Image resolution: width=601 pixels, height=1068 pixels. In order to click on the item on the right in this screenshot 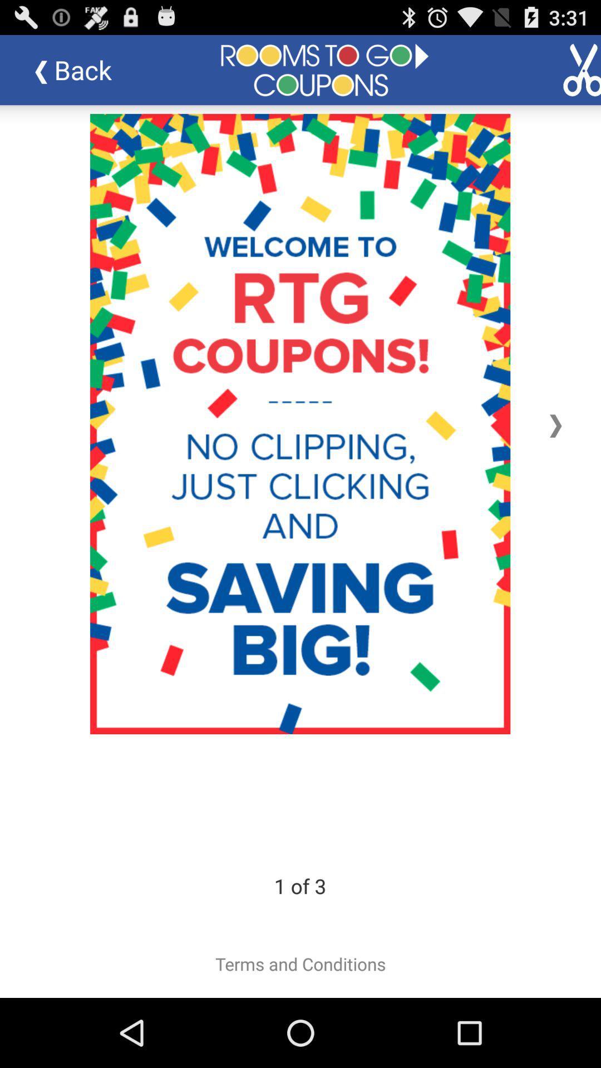, I will do `click(555, 423)`.